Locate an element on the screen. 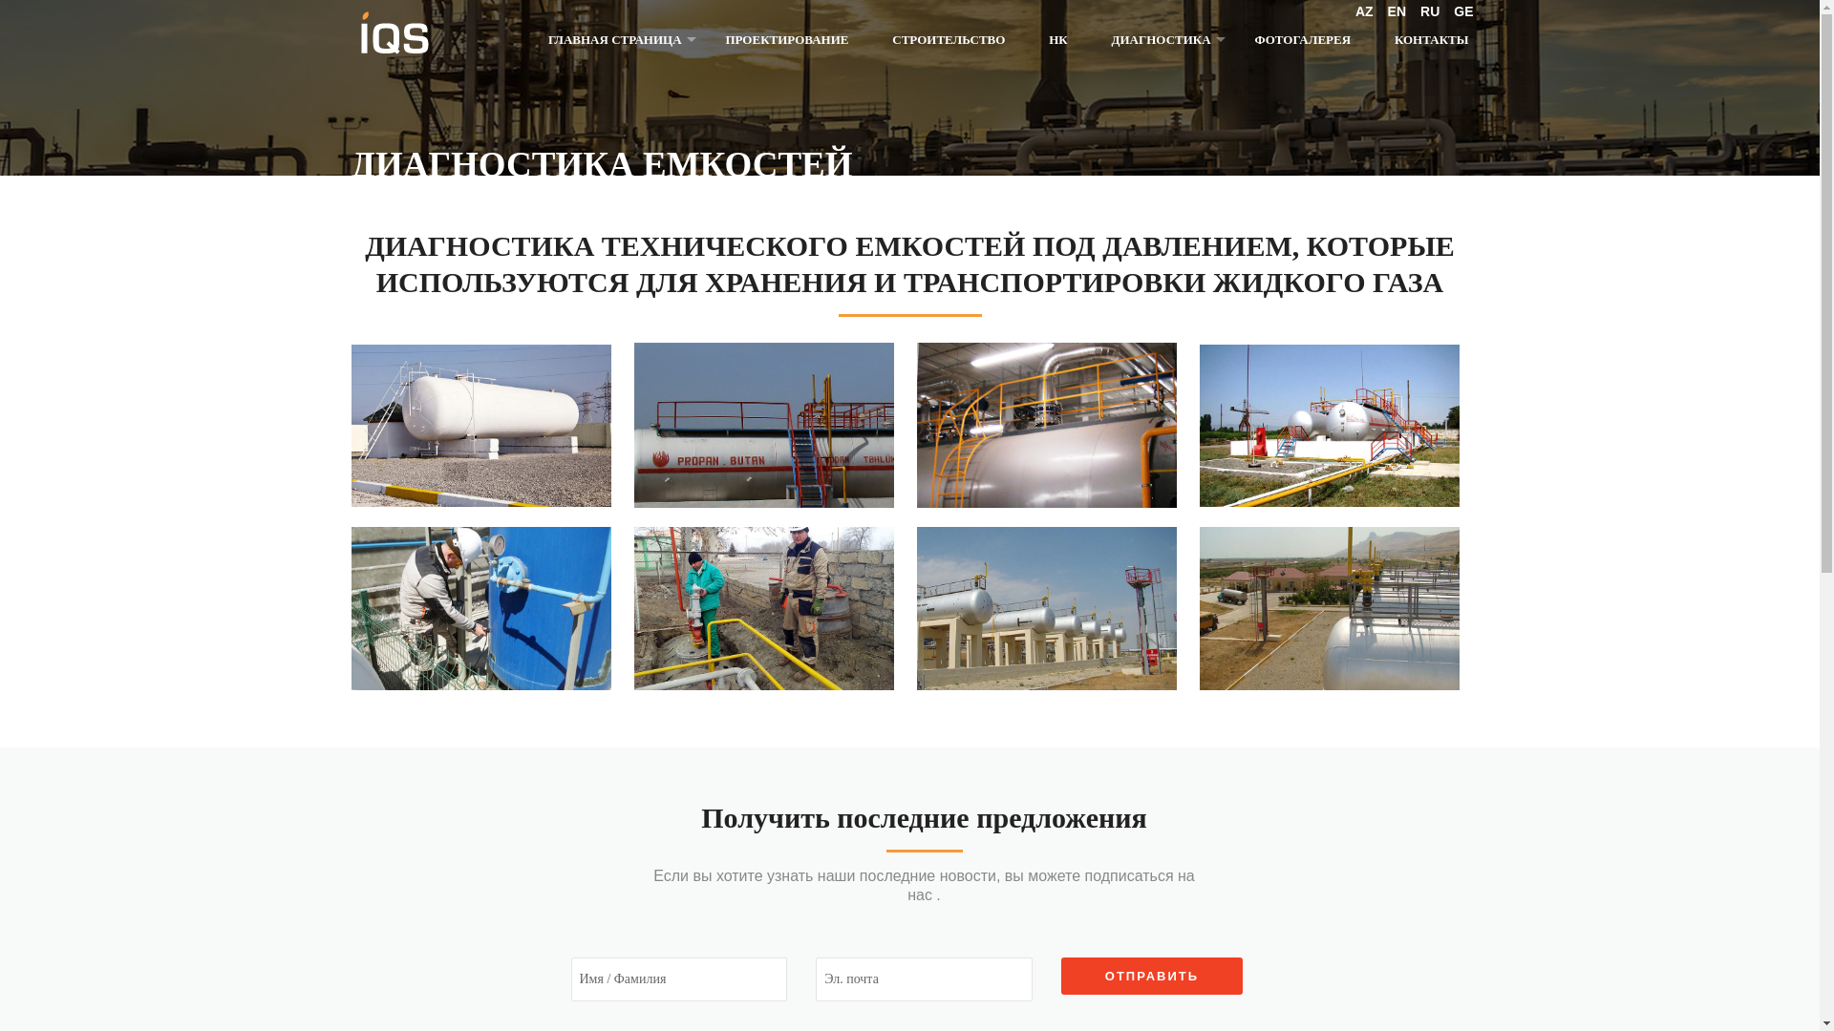 Image resolution: width=1834 pixels, height=1031 pixels. 'RU' is located at coordinates (1430, 11).